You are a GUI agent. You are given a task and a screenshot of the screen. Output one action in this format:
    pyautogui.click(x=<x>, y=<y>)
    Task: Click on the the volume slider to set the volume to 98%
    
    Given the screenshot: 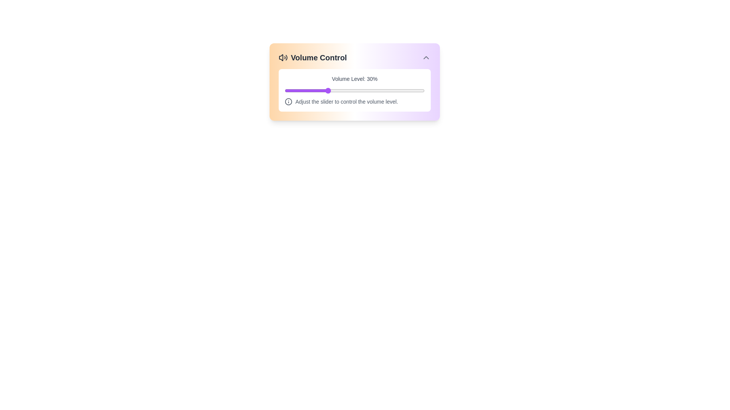 What is the action you would take?
    pyautogui.click(x=421, y=90)
    